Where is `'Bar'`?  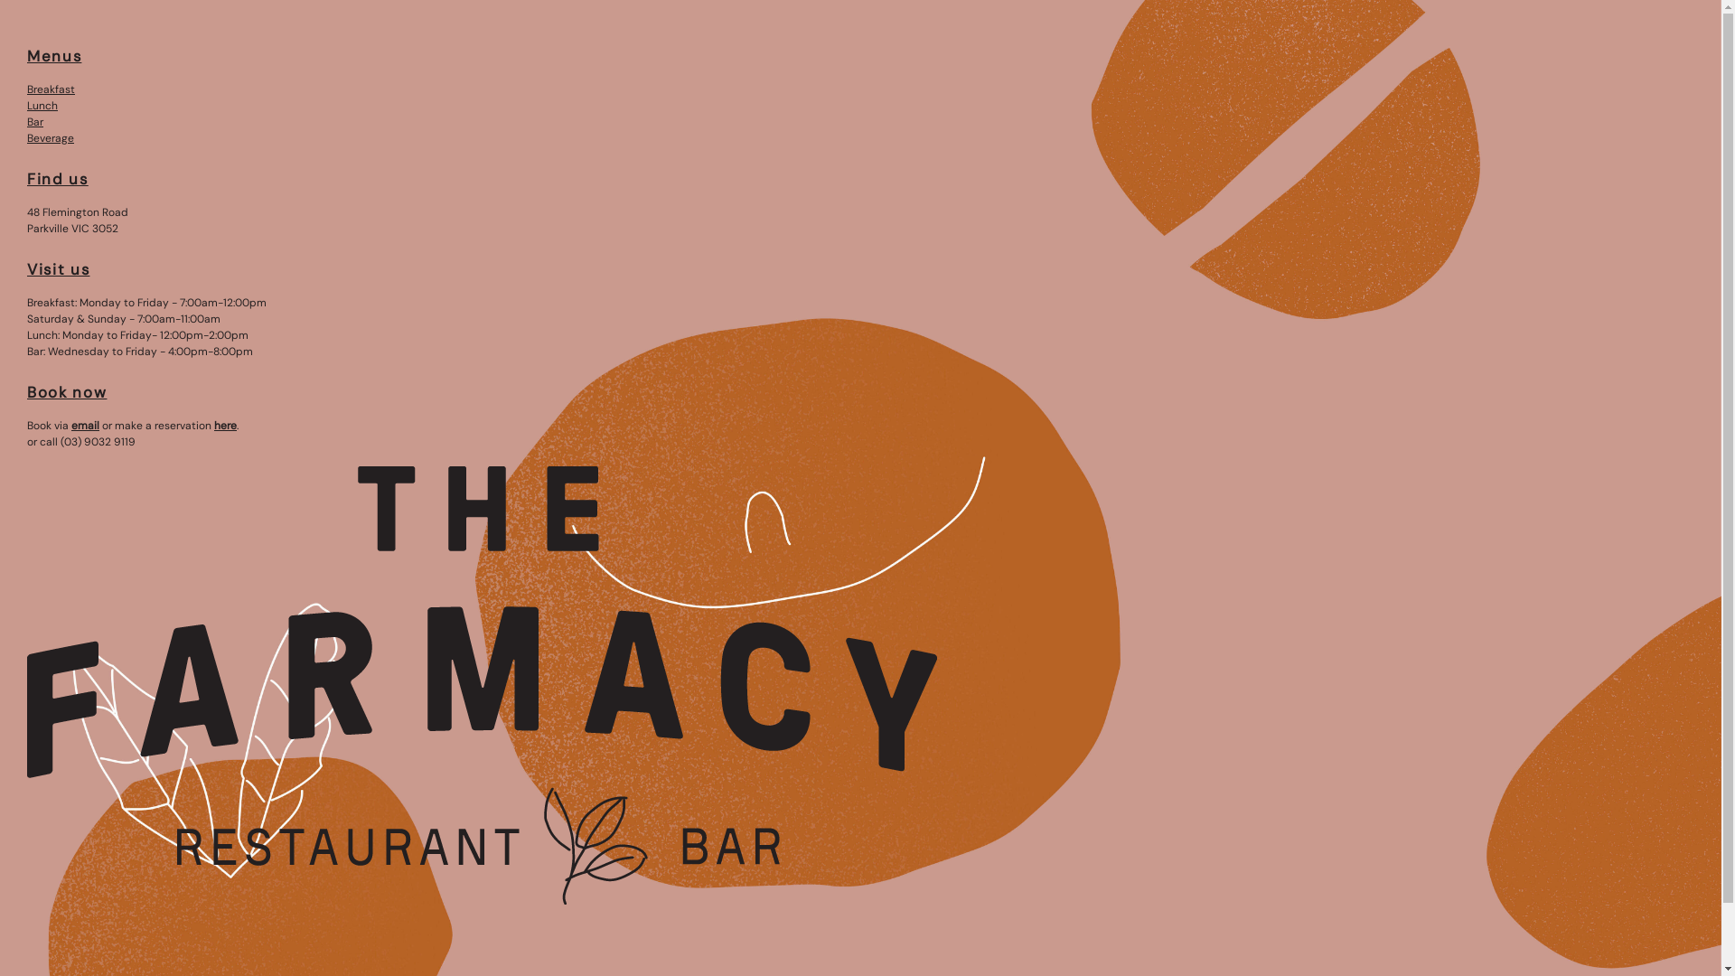 'Bar' is located at coordinates (26, 122).